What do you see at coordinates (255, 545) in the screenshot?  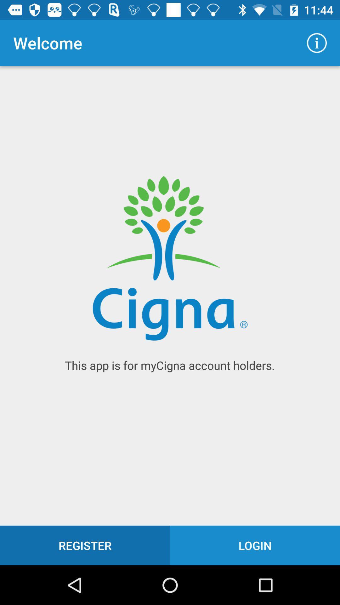 I see `the icon at the bottom right corner` at bounding box center [255, 545].